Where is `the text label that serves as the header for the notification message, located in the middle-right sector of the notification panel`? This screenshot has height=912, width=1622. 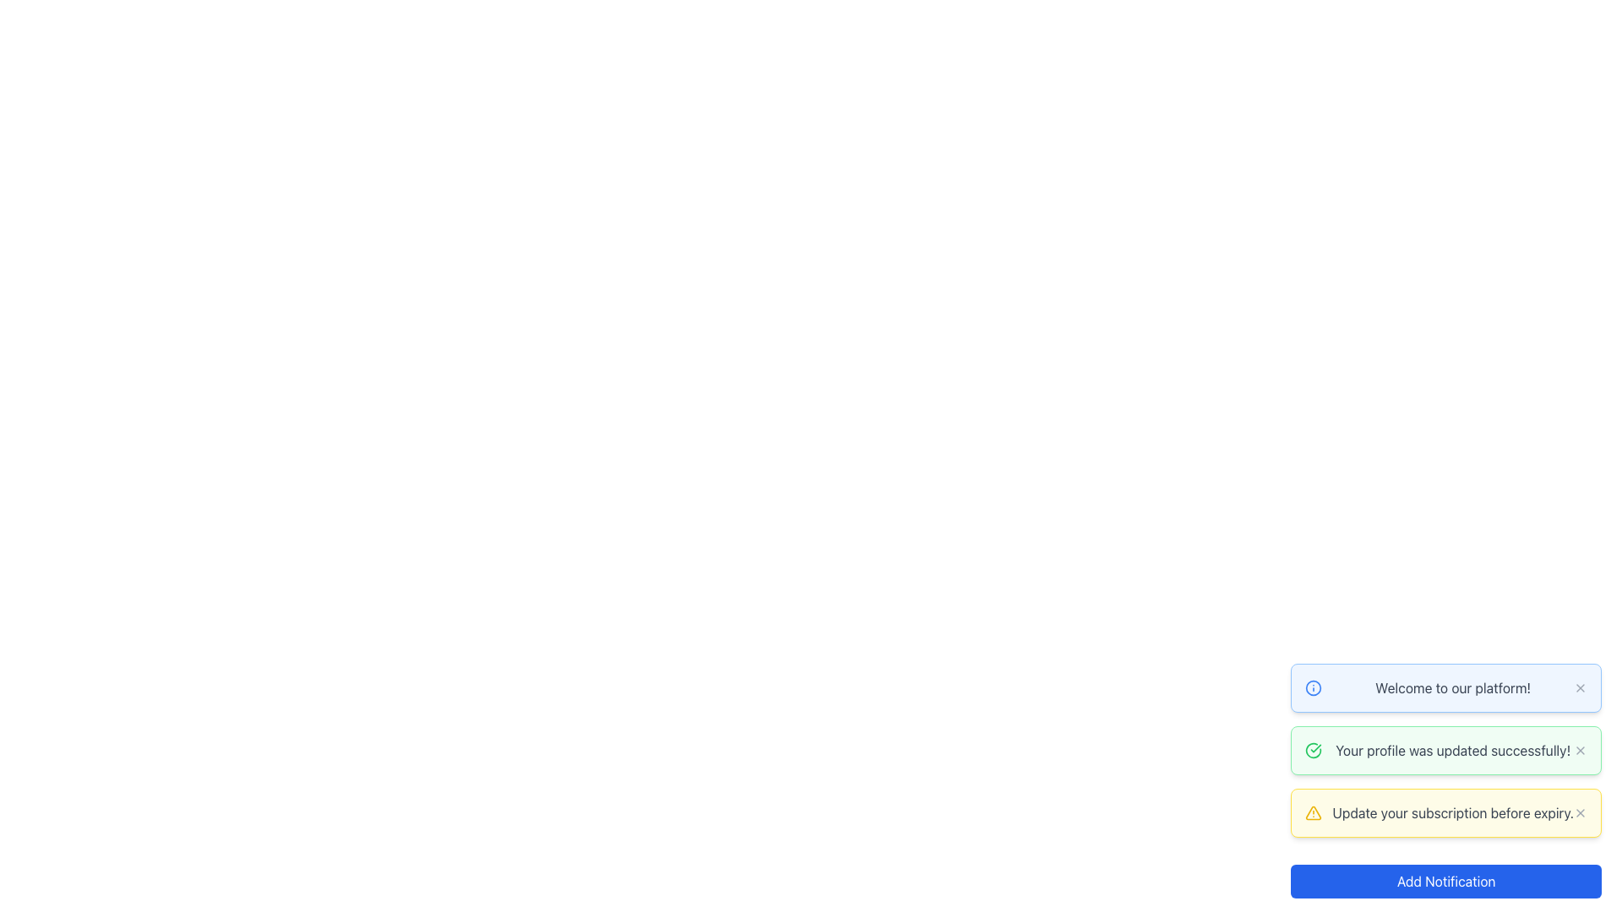 the text label that serves as the header for the notification message, located in the middle-right sector of the notification panel is located at coordinates (1452, 687).